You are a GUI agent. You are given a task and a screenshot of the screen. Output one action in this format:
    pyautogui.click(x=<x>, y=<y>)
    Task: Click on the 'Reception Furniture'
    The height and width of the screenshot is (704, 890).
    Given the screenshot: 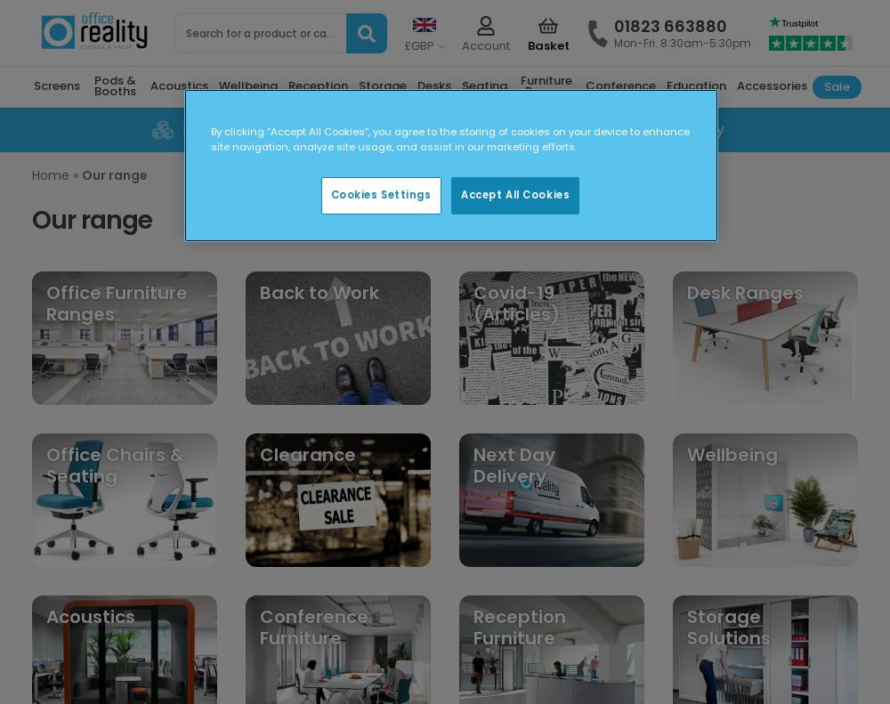 What is the action you would take?
    pyautogui.click(x=519, y=625)
    